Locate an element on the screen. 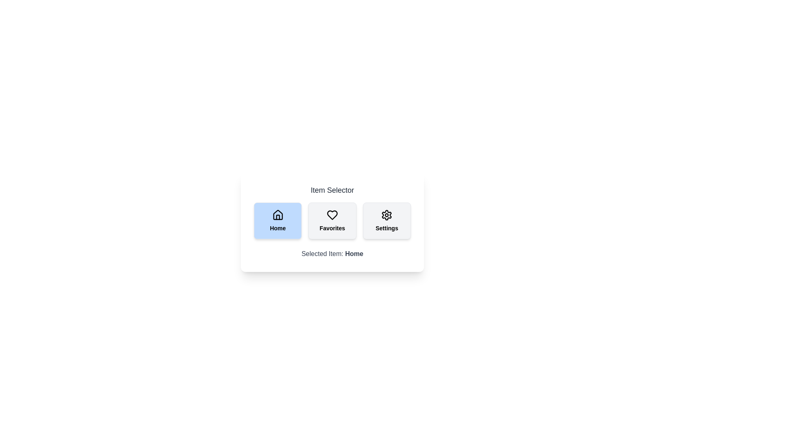 The height and width of the screenshot is (441, 785). the button labeled Settings to select it is located at coordinates (386, 220).